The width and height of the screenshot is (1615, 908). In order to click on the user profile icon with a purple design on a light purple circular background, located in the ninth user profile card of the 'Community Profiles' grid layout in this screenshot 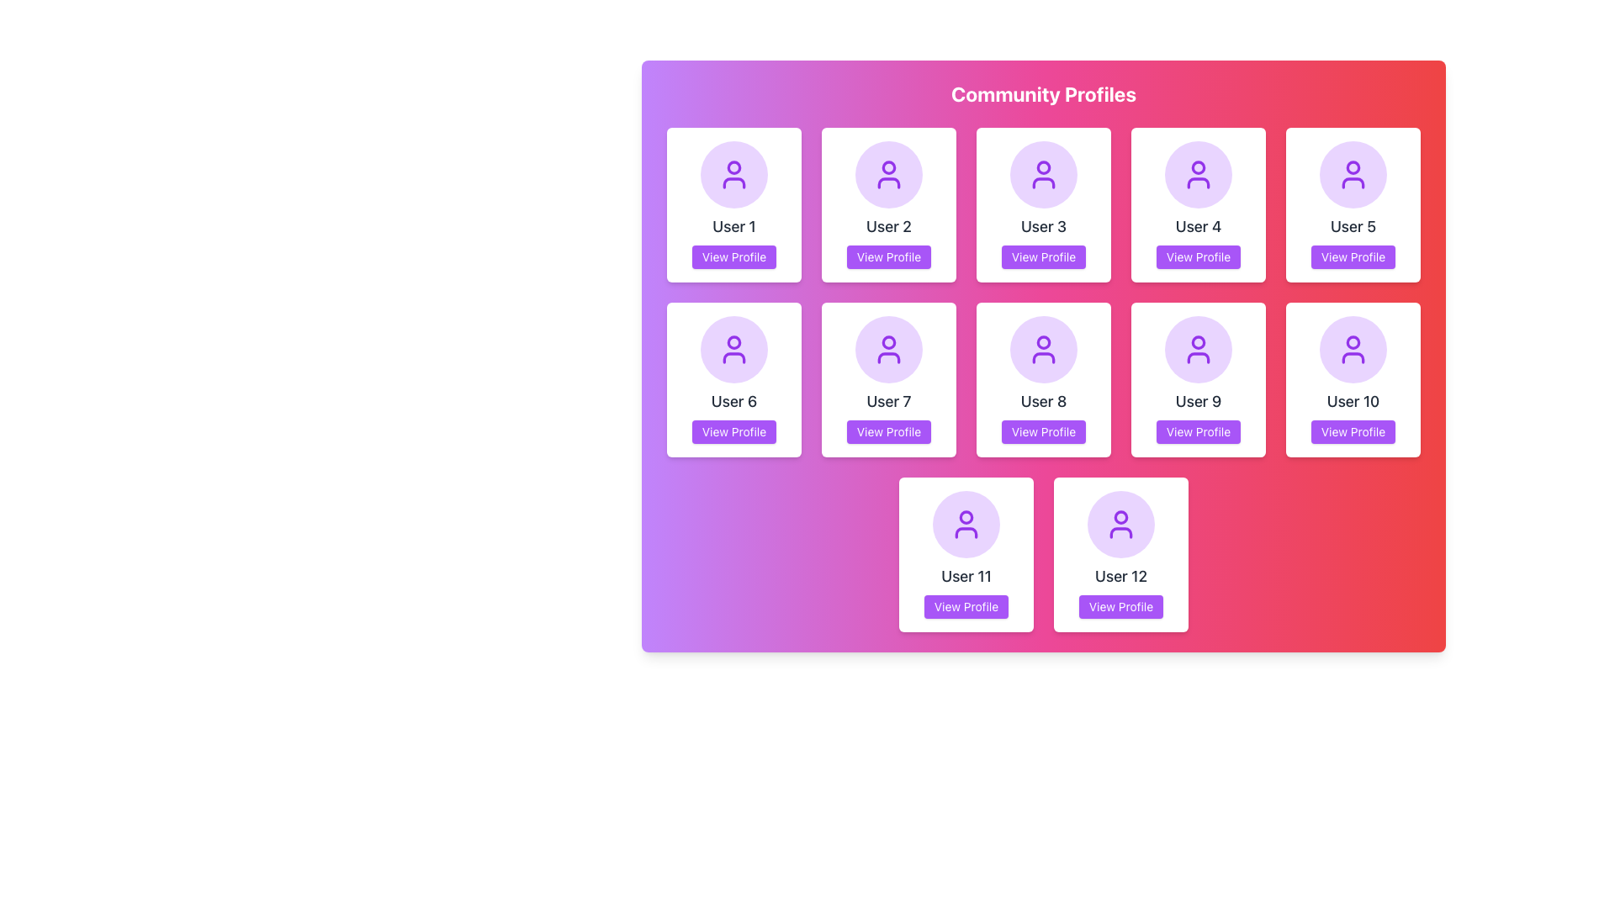, I will do `click(1198, 349)`.